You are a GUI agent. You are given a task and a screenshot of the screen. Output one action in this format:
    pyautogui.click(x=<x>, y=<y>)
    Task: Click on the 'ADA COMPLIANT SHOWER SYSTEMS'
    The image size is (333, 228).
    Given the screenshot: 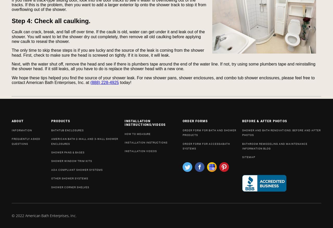 What is the action you would take?
    pyautogui.click(x=77, y=170)
    